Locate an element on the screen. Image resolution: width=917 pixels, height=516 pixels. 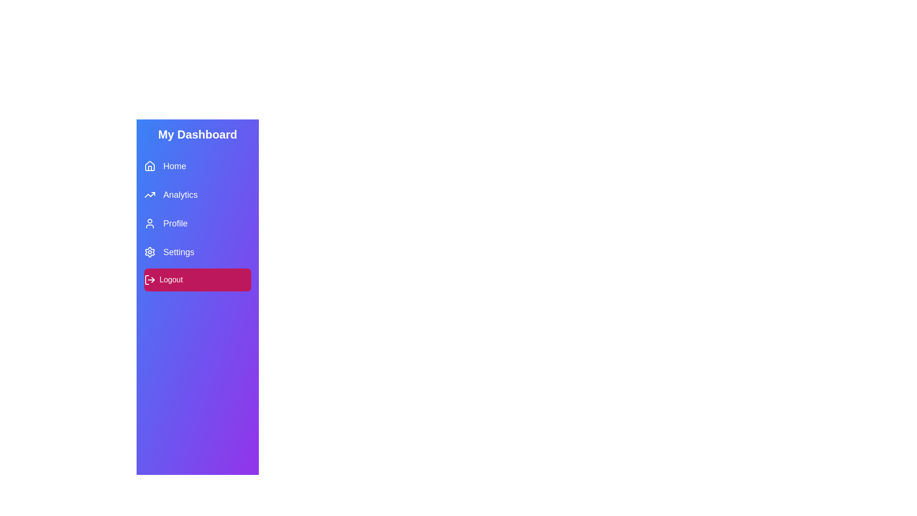
the Navigation link that is the fourth item in the vertical list, located between the 'Profile' and 'Logout' items is located at coordinates (197, 252).